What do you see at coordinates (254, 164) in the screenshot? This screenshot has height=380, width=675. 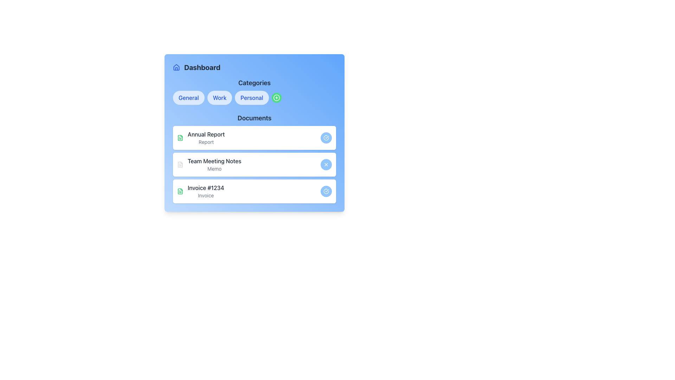 I see `the delete button on the 'Team Meeting Notes' item in the Documents section` at bounding box center [254, 164].